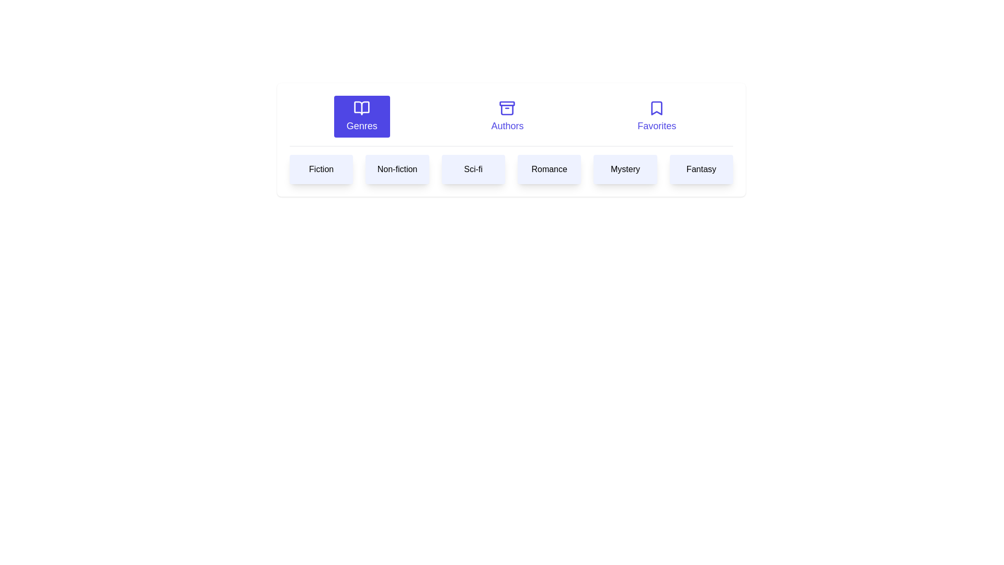  Describe the element at coordinates (361, 117) in the screenshot. I see `the Genres tab by clicking on its header` at that location.